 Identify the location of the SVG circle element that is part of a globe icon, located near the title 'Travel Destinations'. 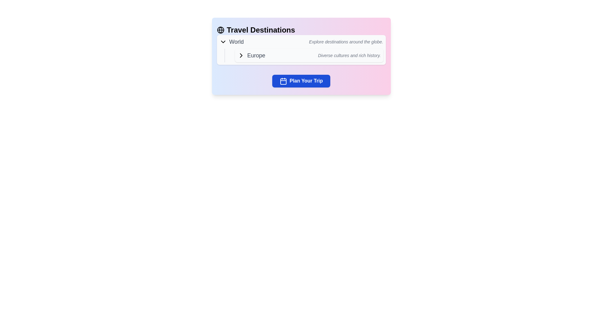
(220, 30).